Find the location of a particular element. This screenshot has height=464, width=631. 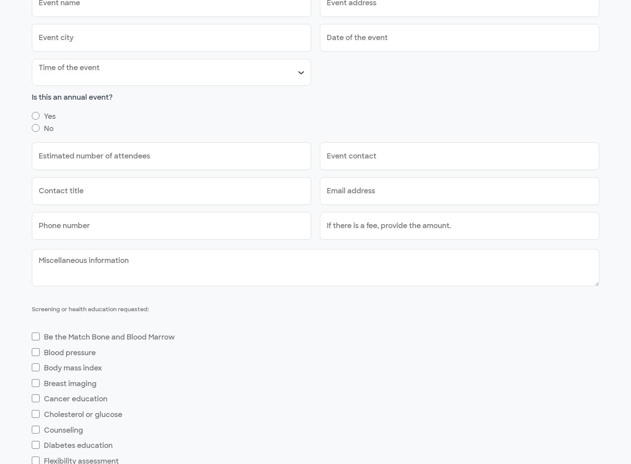

'Email address' is located at coordinates (351, 191).